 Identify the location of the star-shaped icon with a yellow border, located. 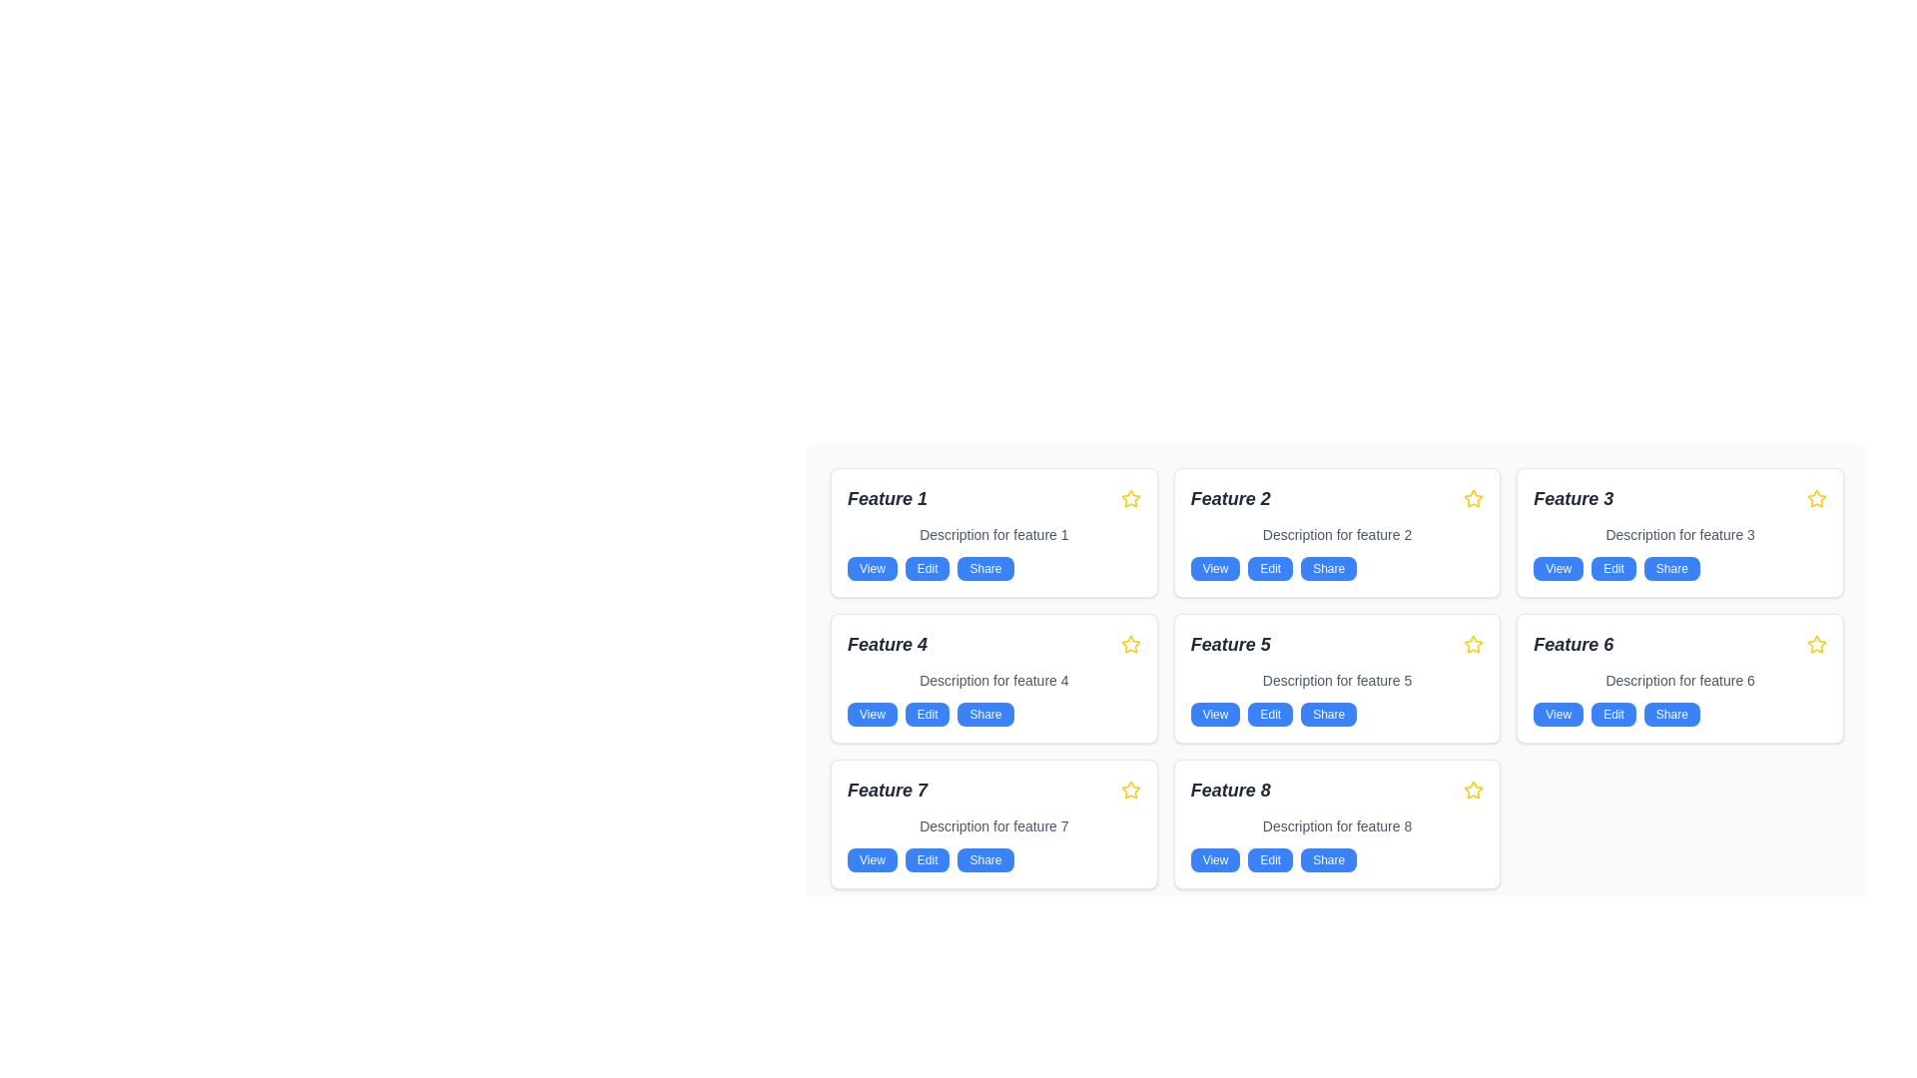
(1474, 498).